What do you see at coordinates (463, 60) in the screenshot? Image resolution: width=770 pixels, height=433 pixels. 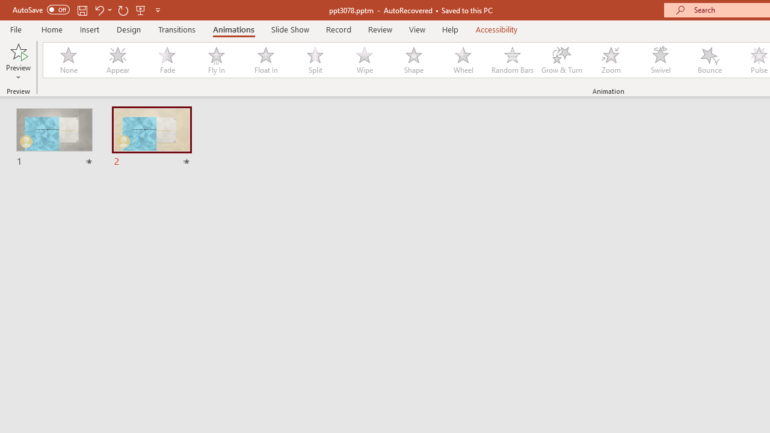 I see `'Wheel'` at bounding box center [463, 60].